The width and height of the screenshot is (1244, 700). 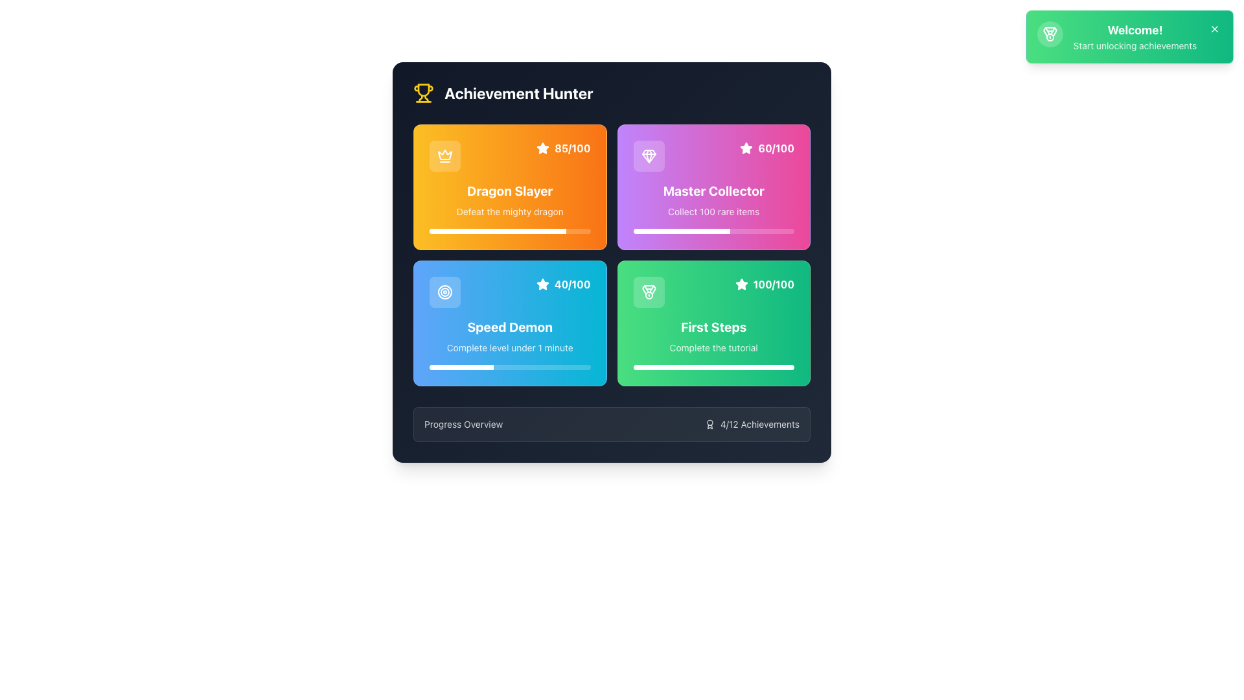 I want to click on score data displayed in the upper-right corner of the green card representing the 'First Steps' achievement, so click(x=713, y=292).